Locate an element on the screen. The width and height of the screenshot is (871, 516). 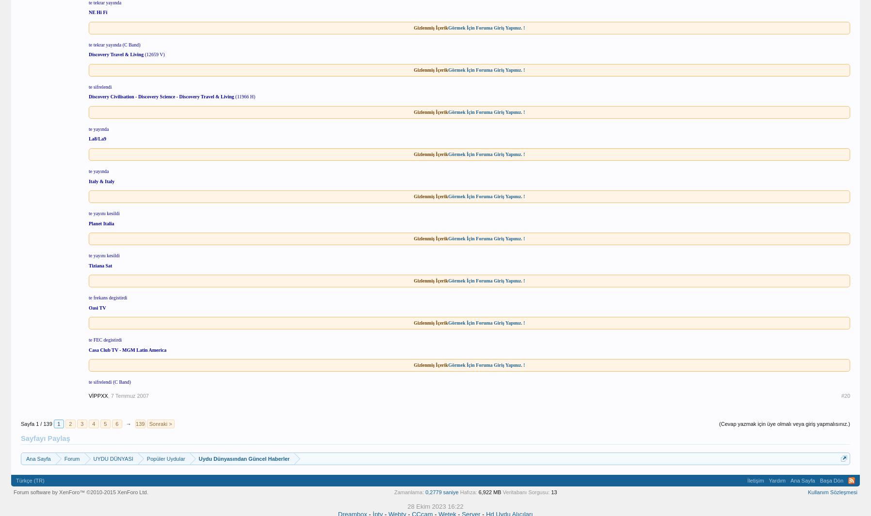
'VİPPXX' is located at coordinates (97, 395).